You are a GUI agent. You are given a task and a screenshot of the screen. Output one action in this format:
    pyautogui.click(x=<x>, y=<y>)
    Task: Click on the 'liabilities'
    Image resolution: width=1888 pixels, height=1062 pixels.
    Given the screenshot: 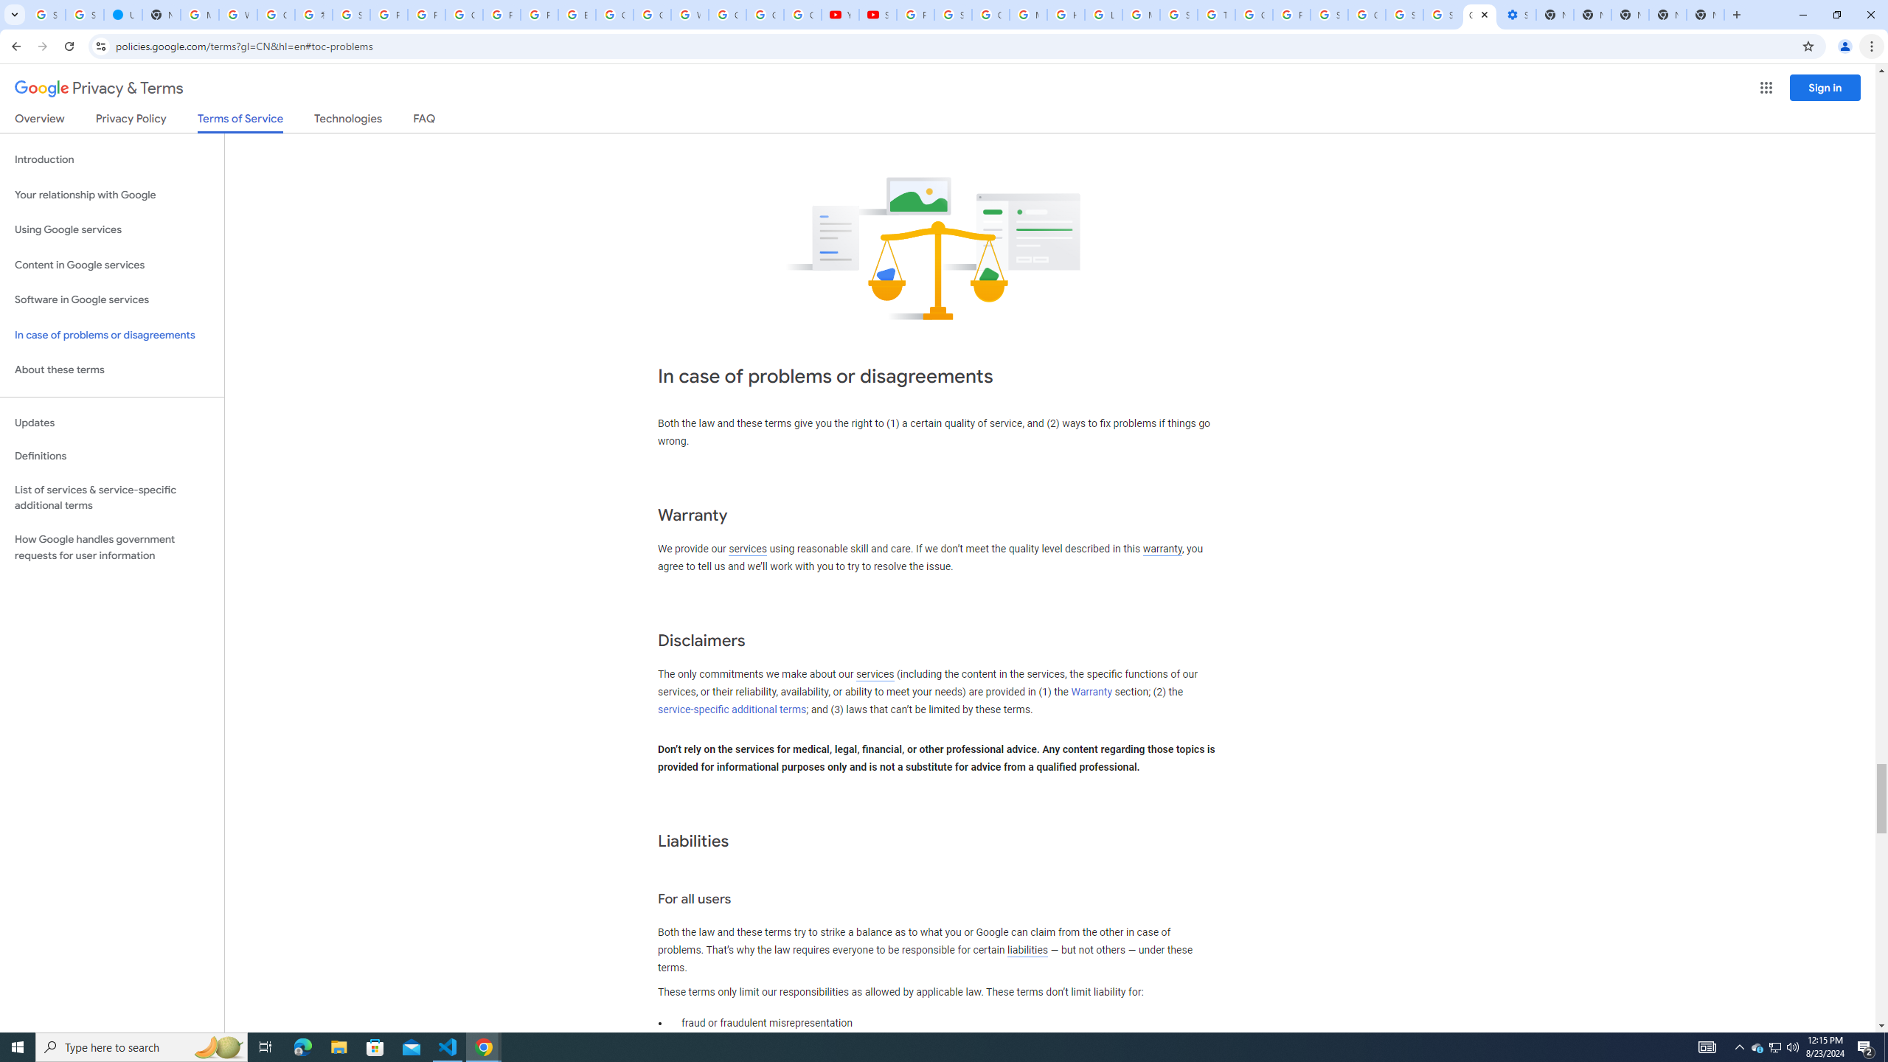 What is the action you would take?
    pyautogui.click(x=1026, y=949)
    